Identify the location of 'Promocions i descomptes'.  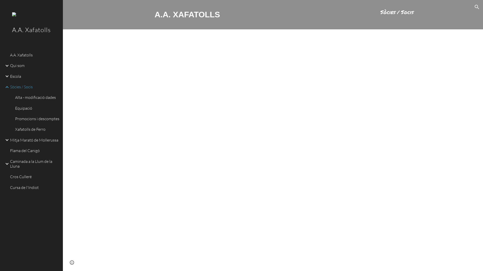
(37, 119).